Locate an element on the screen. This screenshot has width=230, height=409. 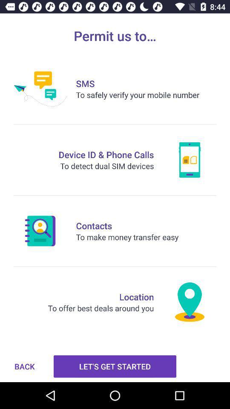
the let s get icon is located at coordinates (115, 366).